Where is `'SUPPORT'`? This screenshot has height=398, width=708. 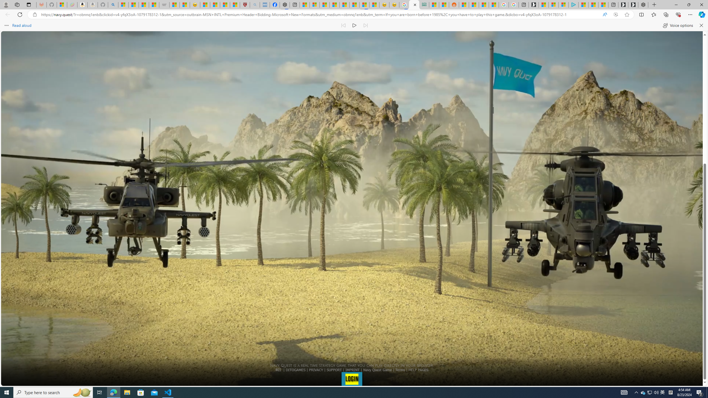 'SUPPORT' is located at coordinates (334, 369).